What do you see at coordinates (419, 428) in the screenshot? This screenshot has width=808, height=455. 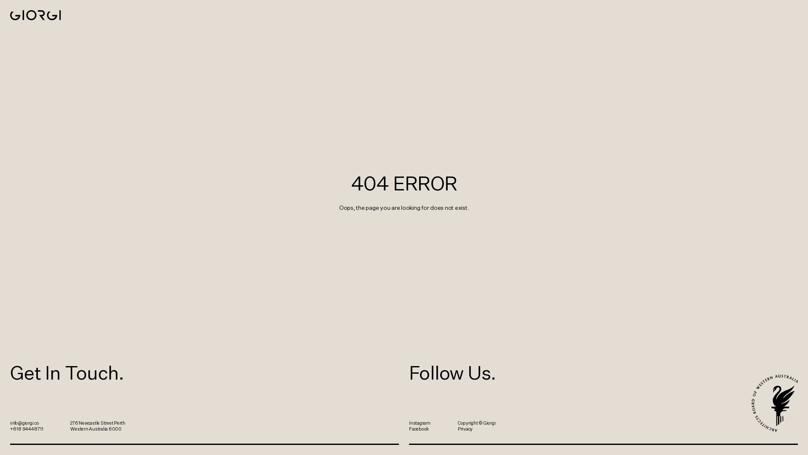 I see `'Facebook'` at bounding box center [419, 428].